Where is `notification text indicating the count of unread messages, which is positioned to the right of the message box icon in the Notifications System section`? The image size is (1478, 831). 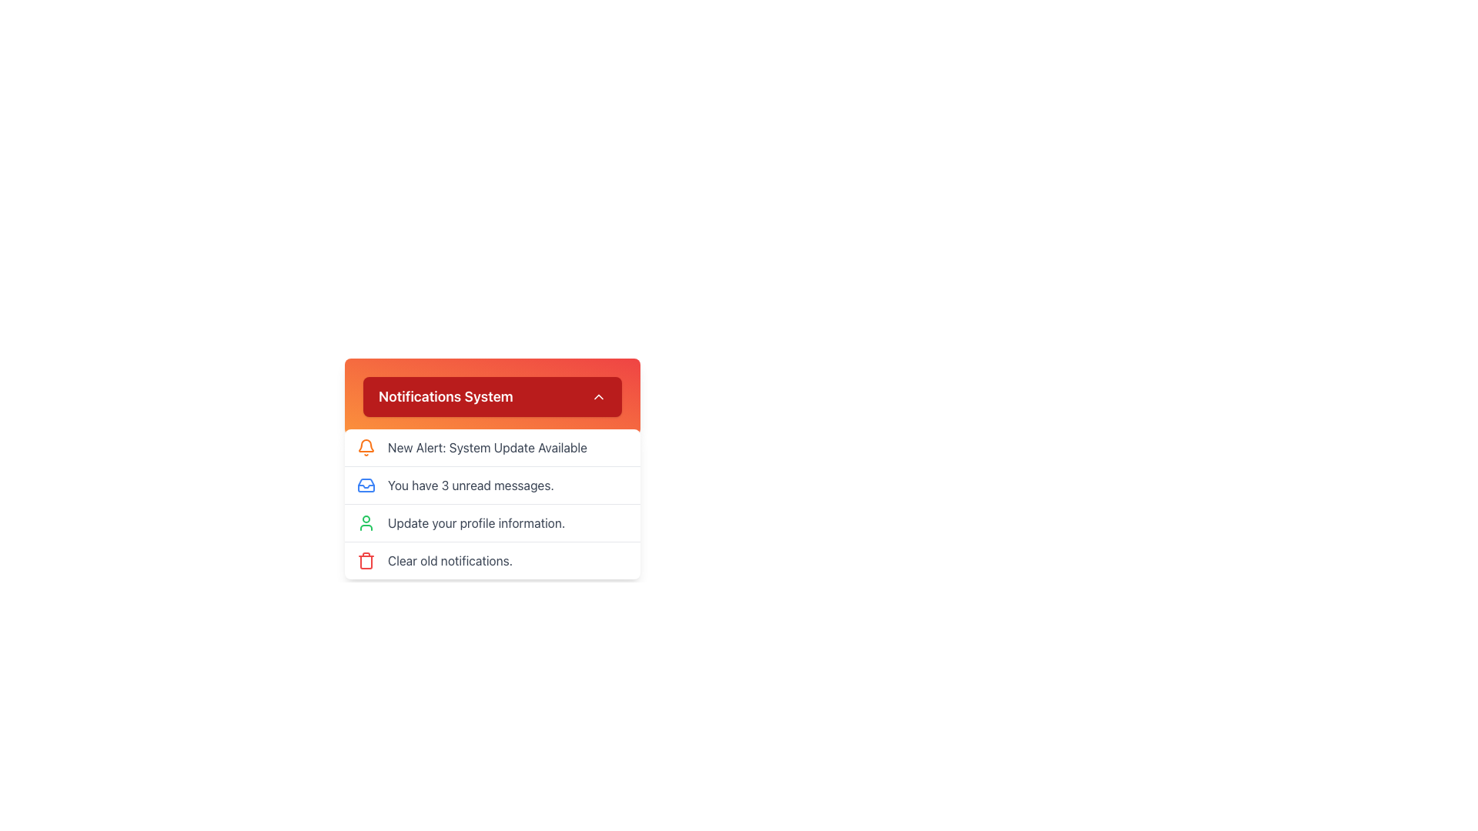 notification text indicating the count of unread messages, which is positioned to the right of the message box icon in the Notifications System section is located at coordinates (470, 486).